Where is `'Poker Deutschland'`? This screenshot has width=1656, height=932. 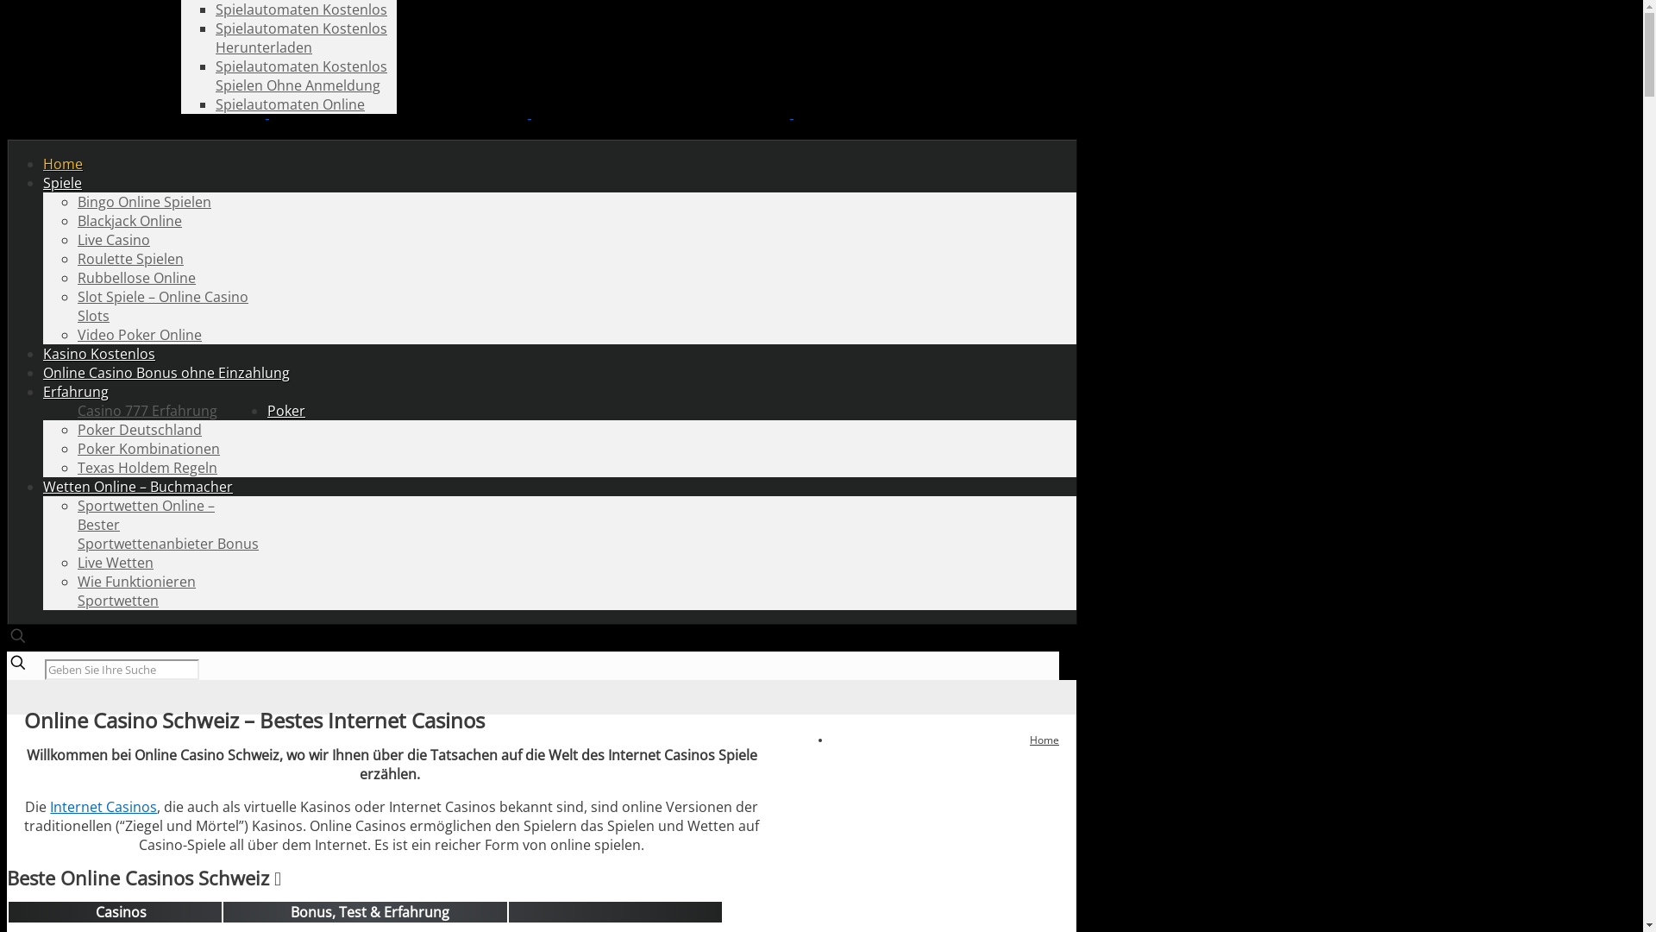
'Poker Deutschland' is located at coordinates (140, 428).